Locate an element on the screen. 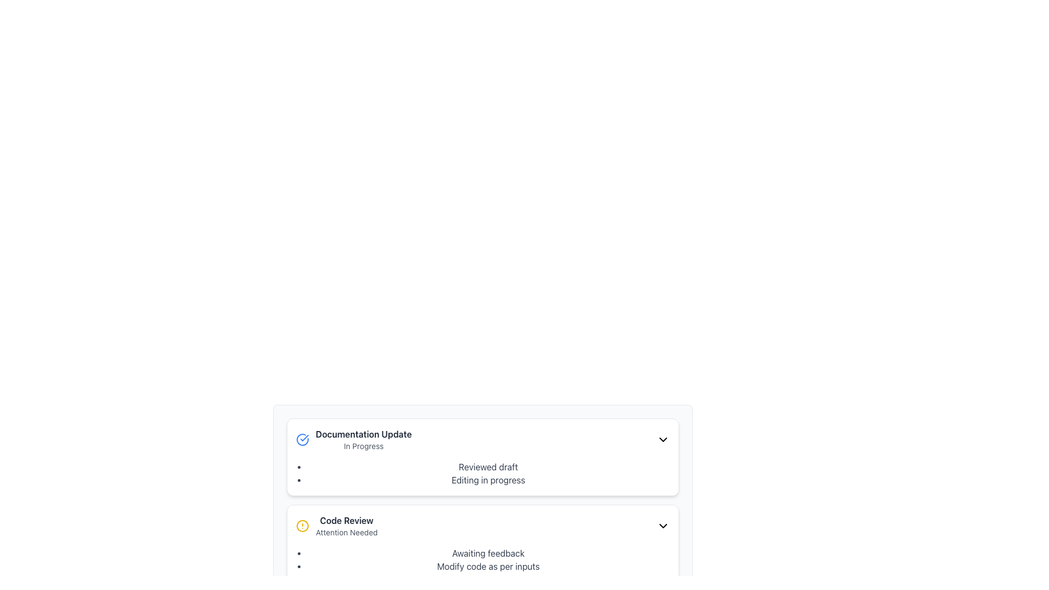  the progress update text element that indicates the completion of the draft review process, located within the Documentation Update section is located at coordinates (487, 467).